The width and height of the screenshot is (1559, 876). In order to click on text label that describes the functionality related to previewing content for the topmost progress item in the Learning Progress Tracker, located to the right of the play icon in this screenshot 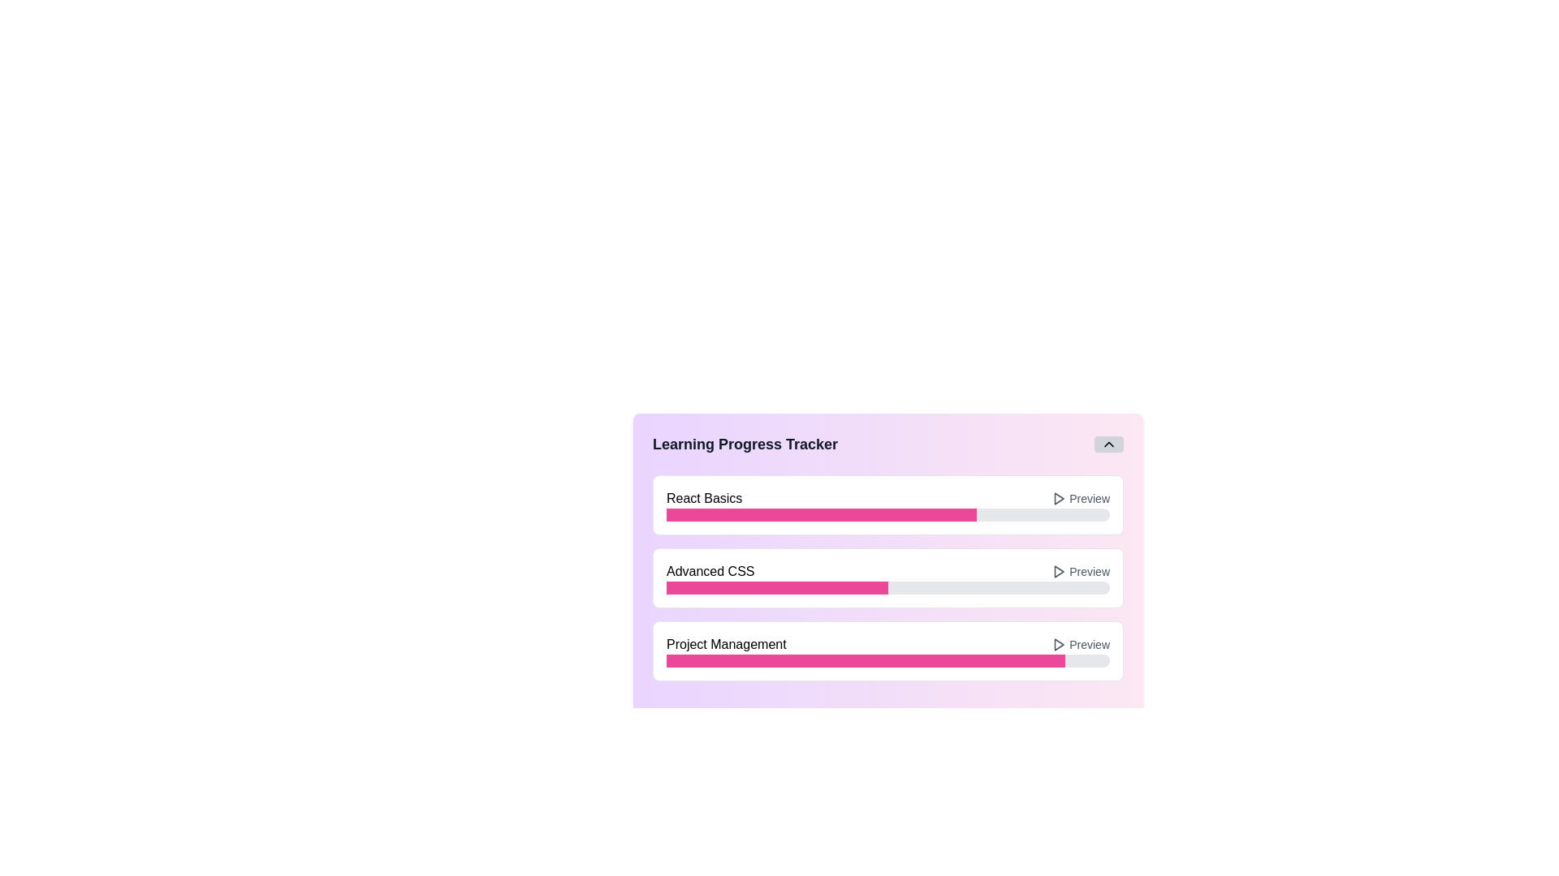, I will do `click(1090, 497)`.